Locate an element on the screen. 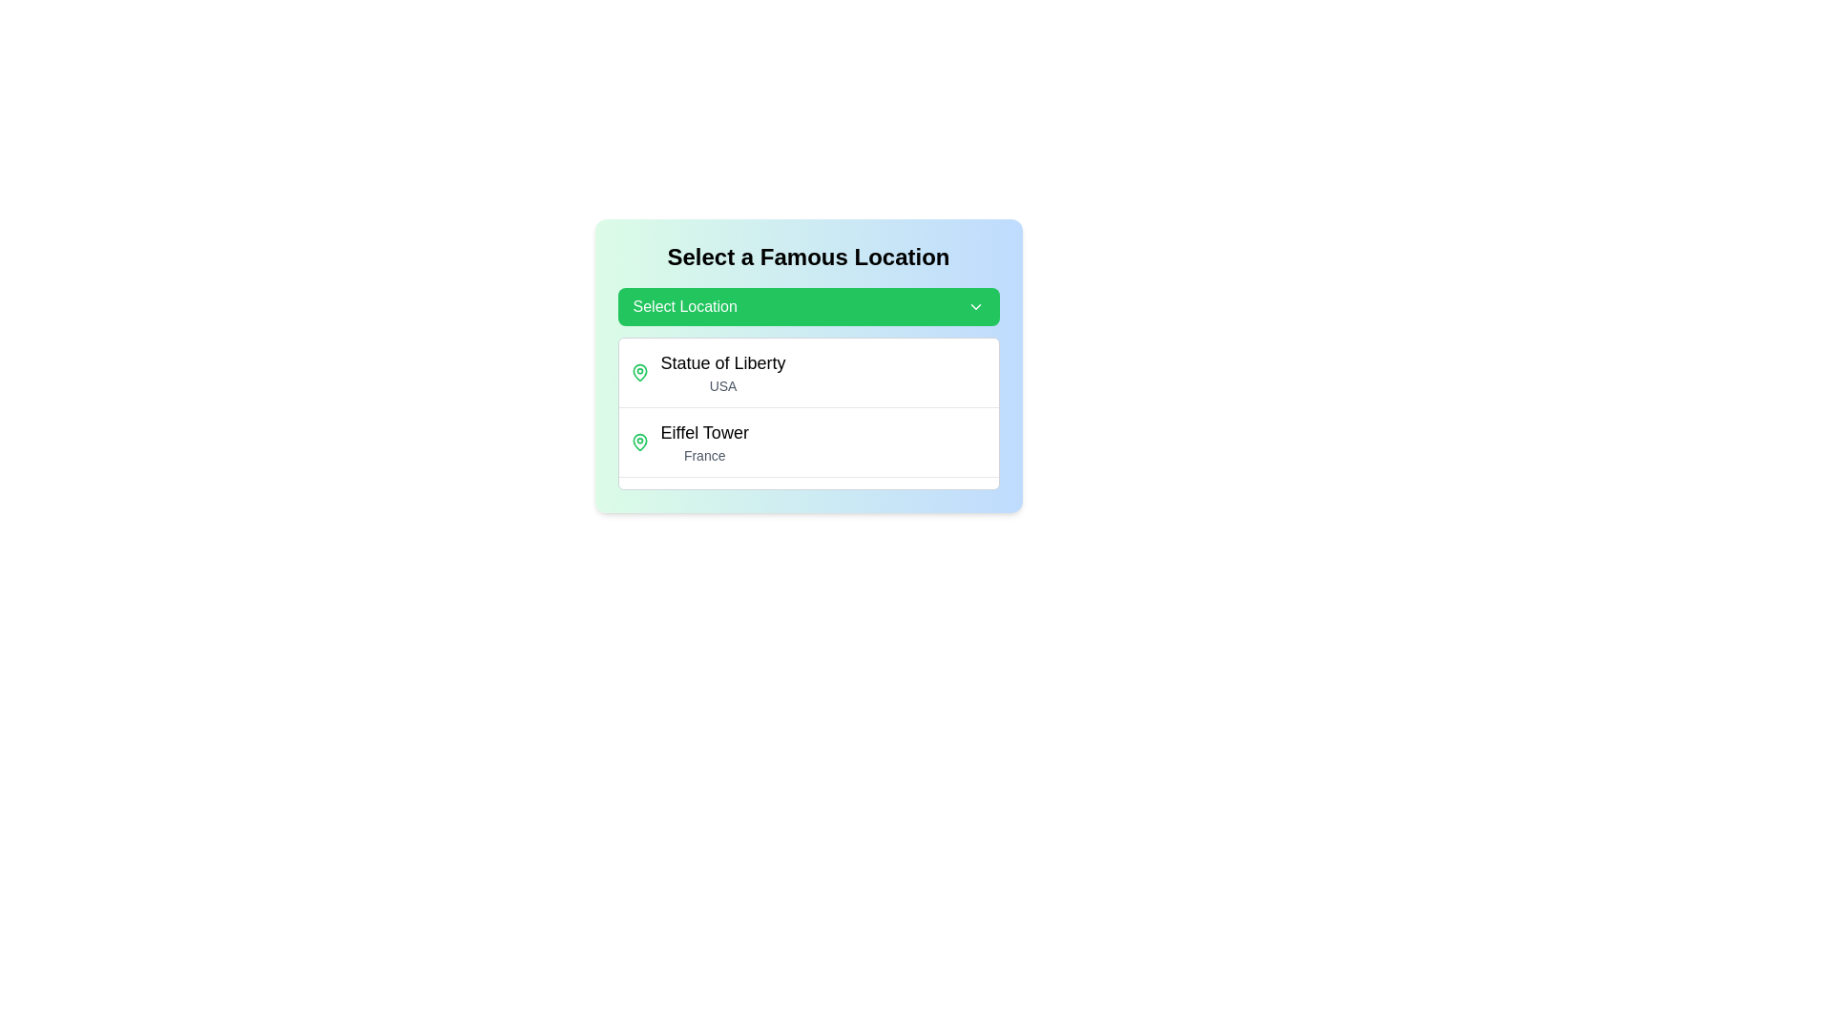 The image size is (1832, 1030). text label displaying 'USA' which is styled in a small, light gray font and positioned directly below the bold text 'Statue of Liberty' is located at coordinates (722, 386).